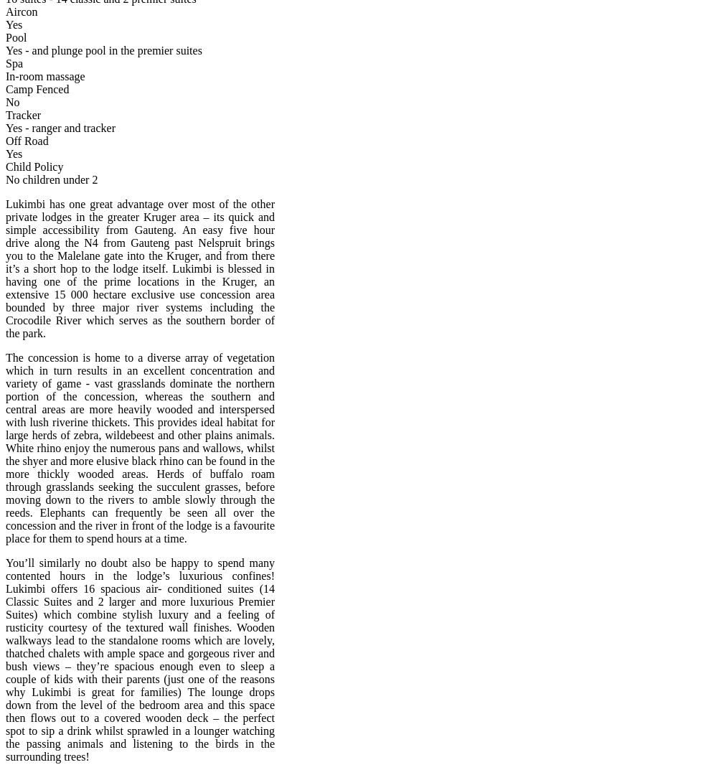 Image resolution: width=716 pixels, height=770 pixels. What do you see at coordinates (5, 37) in the screenshot?
I see `'Pool'` at bounding box center [5, 37].